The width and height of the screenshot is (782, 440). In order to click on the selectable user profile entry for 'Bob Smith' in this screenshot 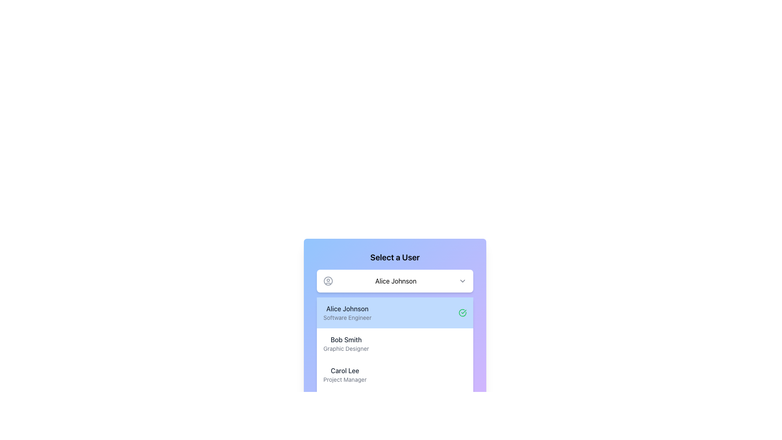, I will do `click(395, 344)`.